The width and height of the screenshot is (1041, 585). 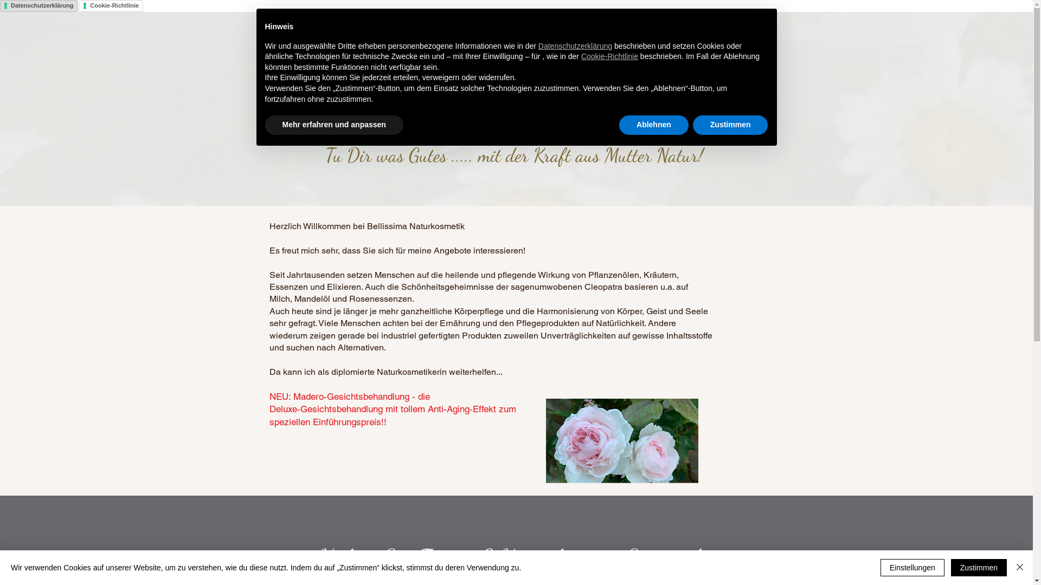 What do you see at coordinates (912, 567) in the screenshot?
I see `'Einstellungen'` at bounding box center [912, 567].